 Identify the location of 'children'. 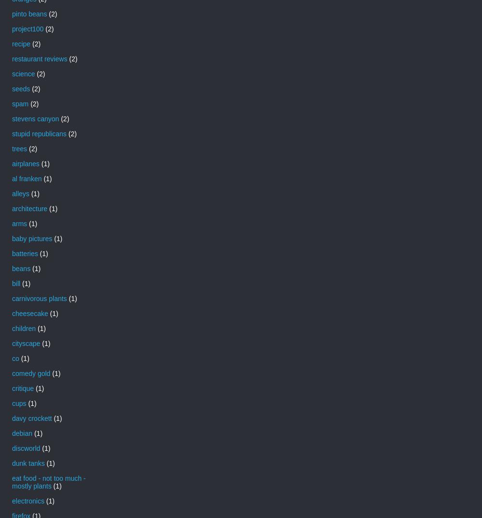
(24, 328).